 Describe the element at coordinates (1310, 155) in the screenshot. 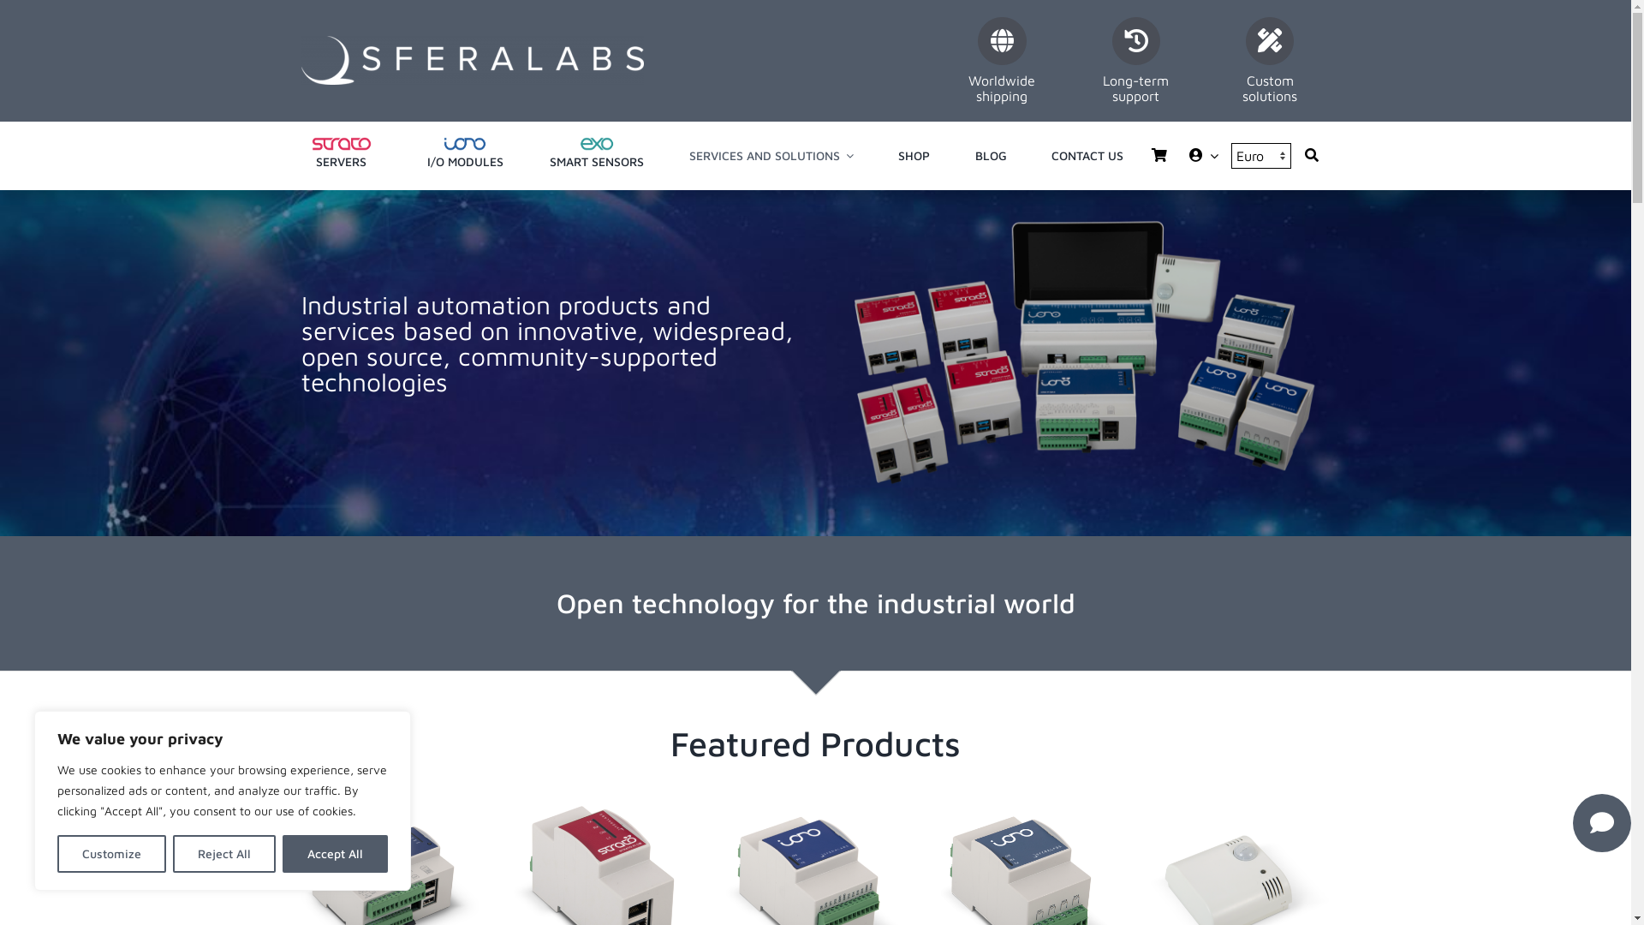

I see `'Search'` at that location.